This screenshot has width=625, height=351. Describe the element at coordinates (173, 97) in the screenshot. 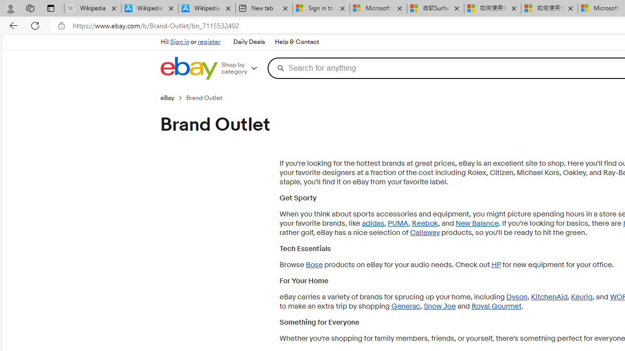

I see `'eBay'` at that location.